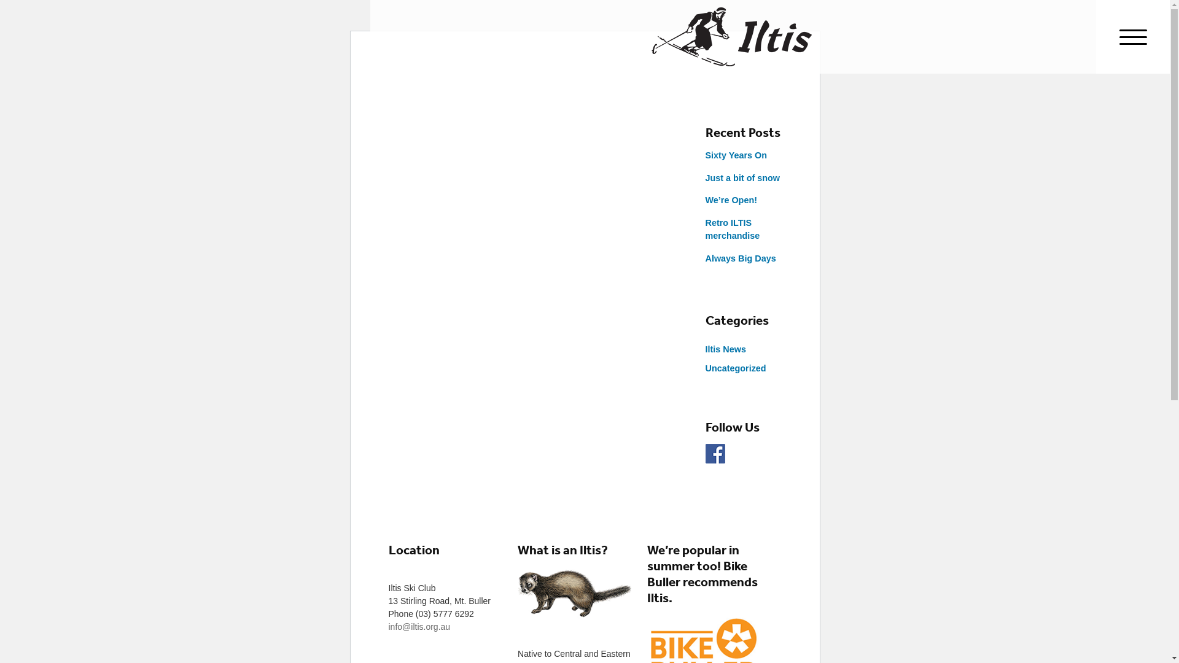 The height and width of the screenshot is (663, 1179). Describe the element at coordinates (732, 230) in the screenshot. I see `'Retro ILTIS merchandise'` at that location.